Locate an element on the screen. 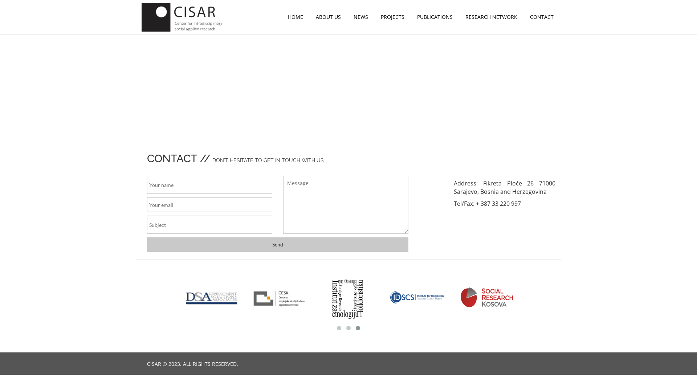 The width and height of the screenshot is (697, 392). 'NEWS' is located at coordinates (360, 16).